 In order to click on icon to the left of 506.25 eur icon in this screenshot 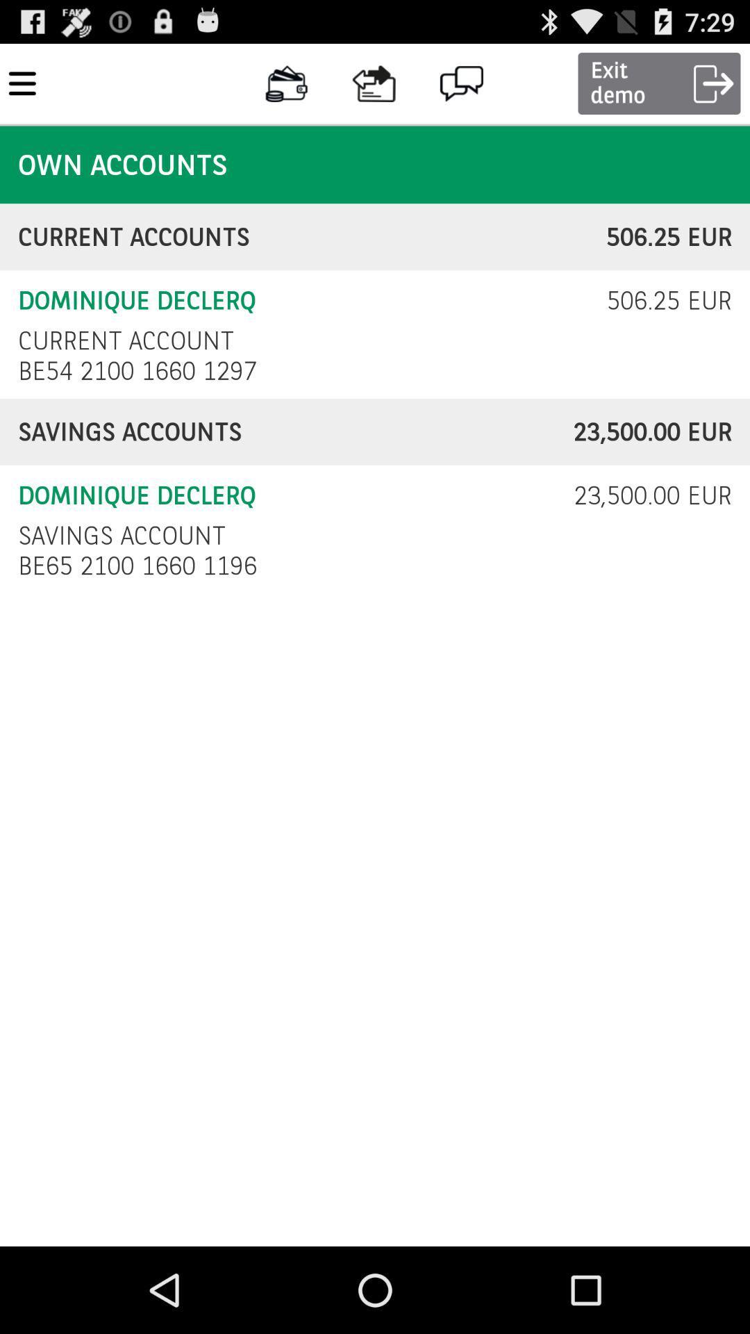, I will do `click(126, 340)`.